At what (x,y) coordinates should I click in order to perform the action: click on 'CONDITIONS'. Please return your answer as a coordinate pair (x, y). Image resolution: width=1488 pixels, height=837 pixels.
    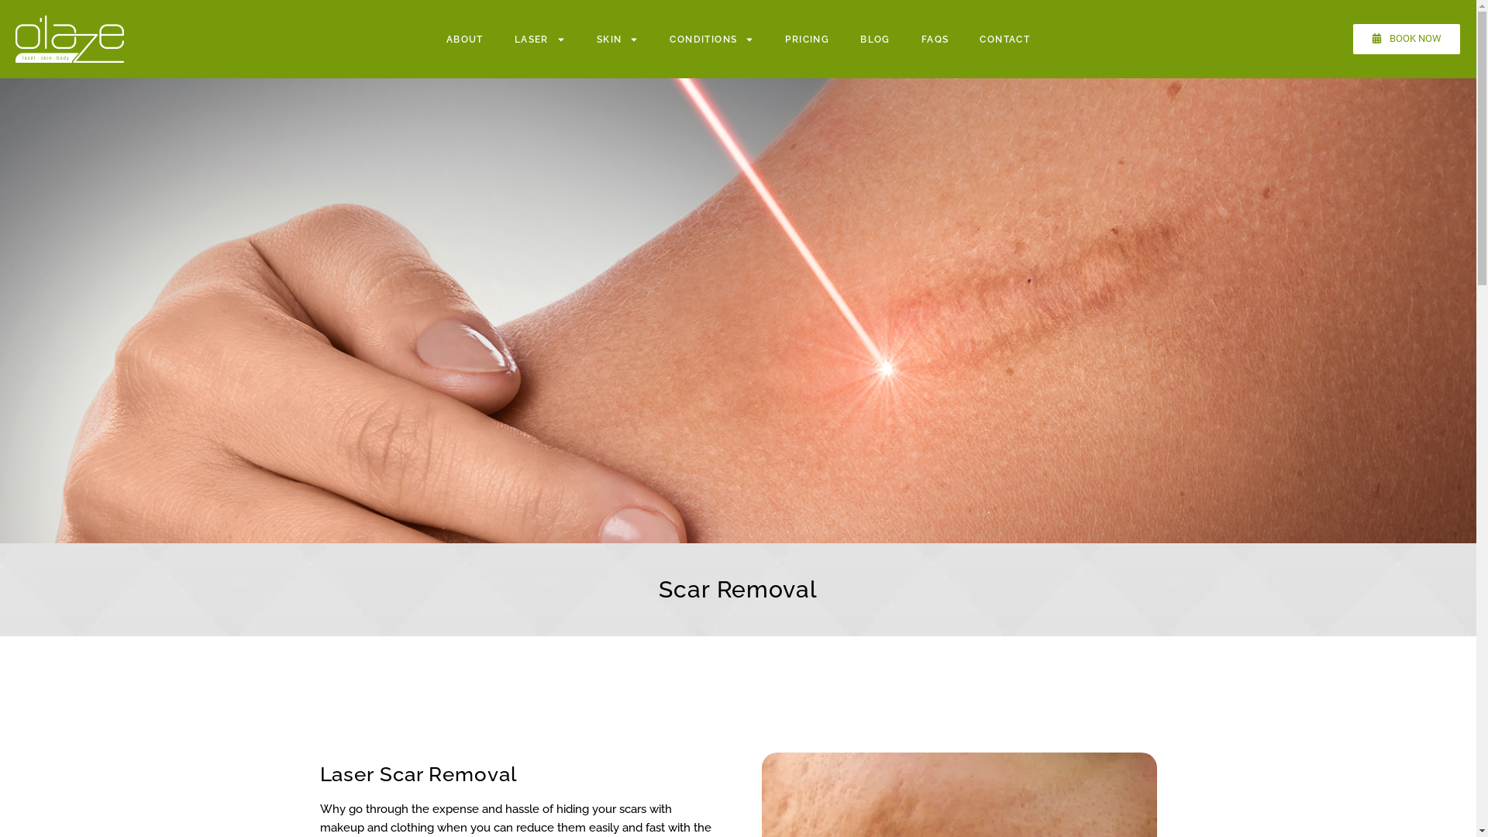
    Looking at the image, I should click on (711, 38).